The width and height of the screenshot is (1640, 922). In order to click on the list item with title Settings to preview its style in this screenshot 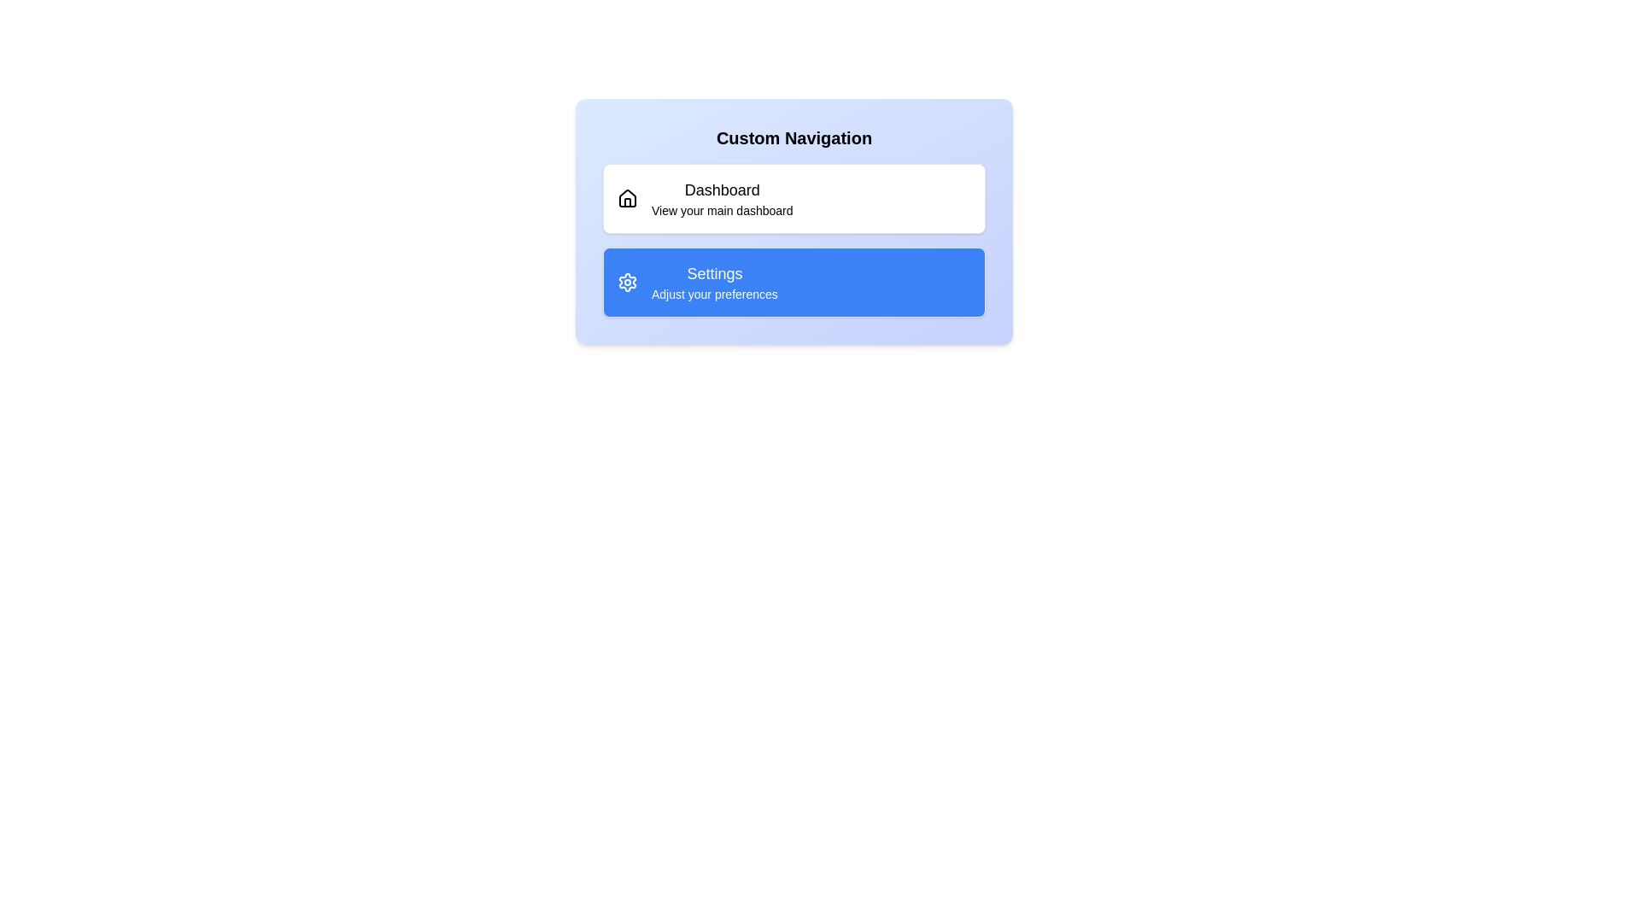, I will do `click(794, 282)`.